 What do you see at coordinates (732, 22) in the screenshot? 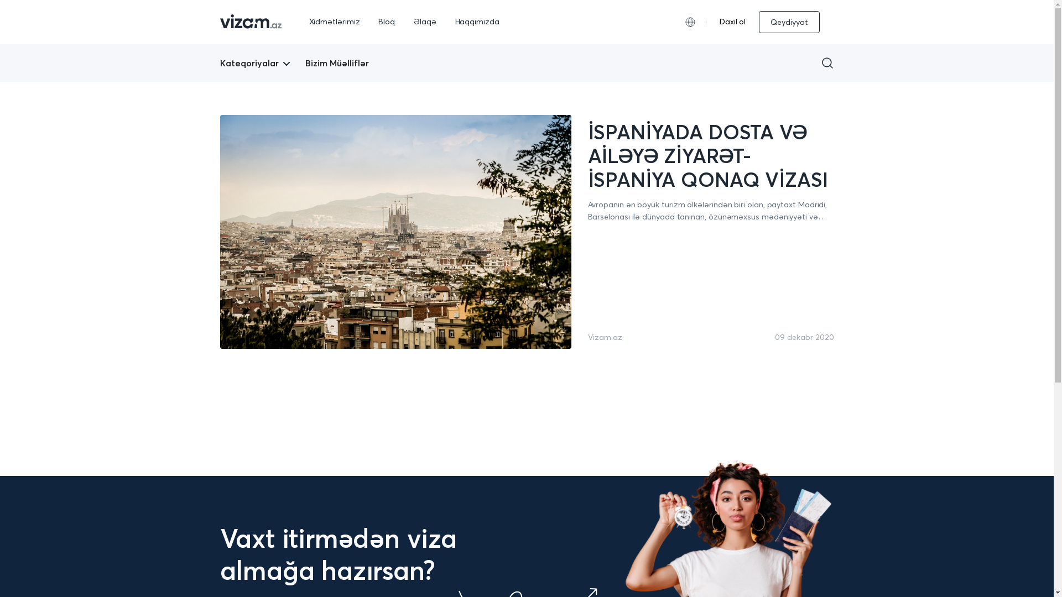
I see `'Daxil ol'` at bounding box center [732, 22].